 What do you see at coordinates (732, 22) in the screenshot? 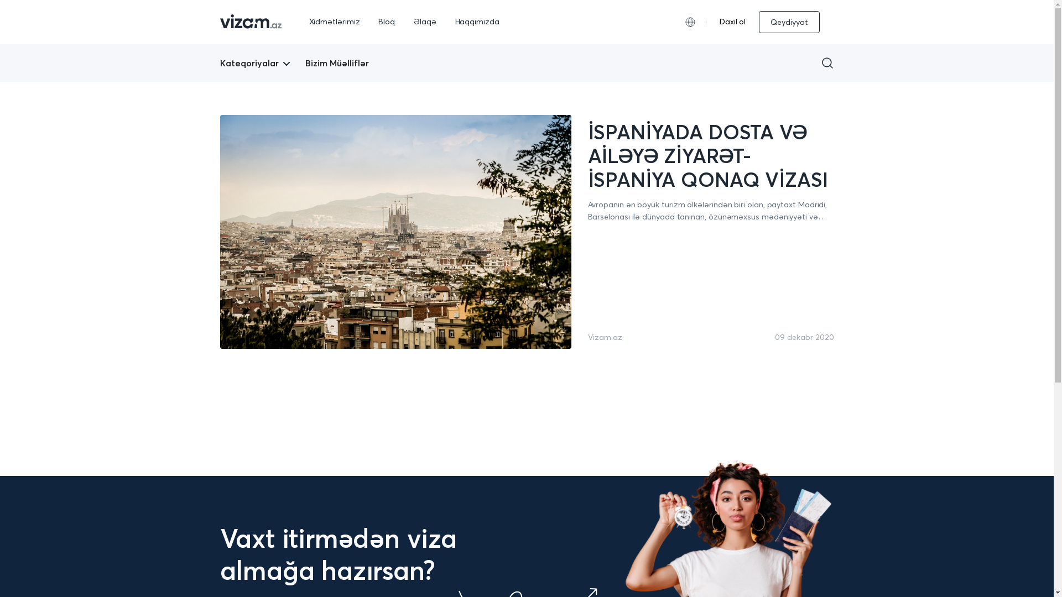
I see `'Daxil ol'` at bounding box center [732, 22].